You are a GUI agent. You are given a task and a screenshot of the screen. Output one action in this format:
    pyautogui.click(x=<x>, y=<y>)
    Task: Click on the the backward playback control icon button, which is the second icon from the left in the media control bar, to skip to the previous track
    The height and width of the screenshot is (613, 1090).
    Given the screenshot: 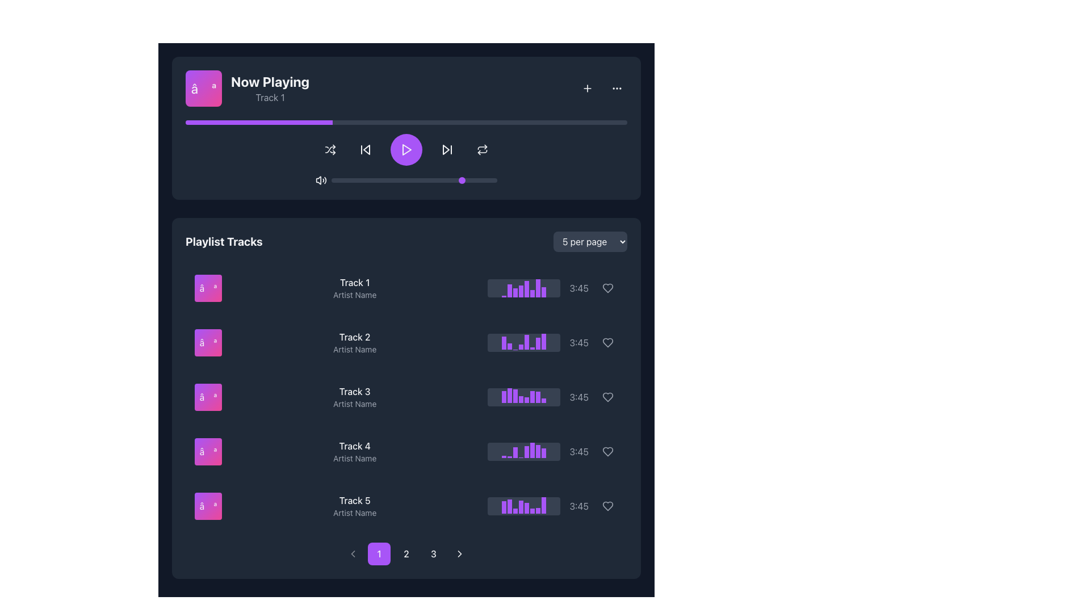 What is the action you would take?
    pyautogui.click(x=365, y=149)
    